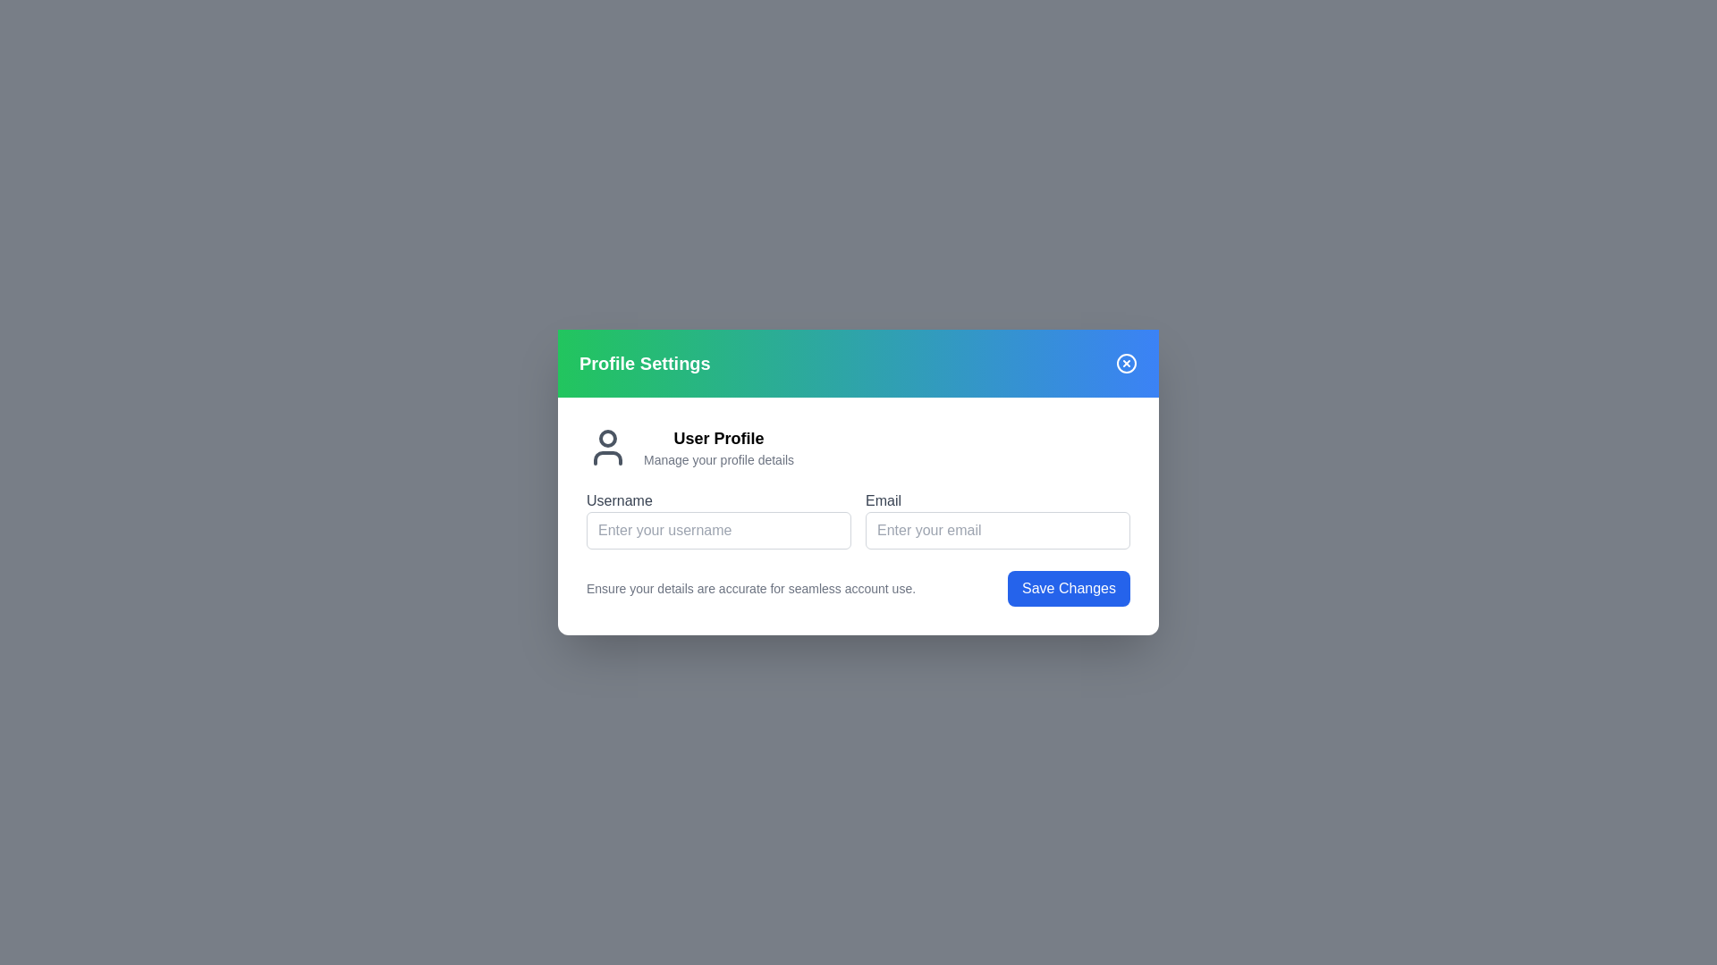  What do you see at coordinates (1125, 363) in the screenshot?
I see `the close button in the top-right corner of the dialog` at bounding box center [1125, 363].